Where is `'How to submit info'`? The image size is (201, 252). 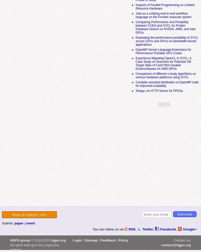 'How to submit info' is located at coordinates (12, 215).